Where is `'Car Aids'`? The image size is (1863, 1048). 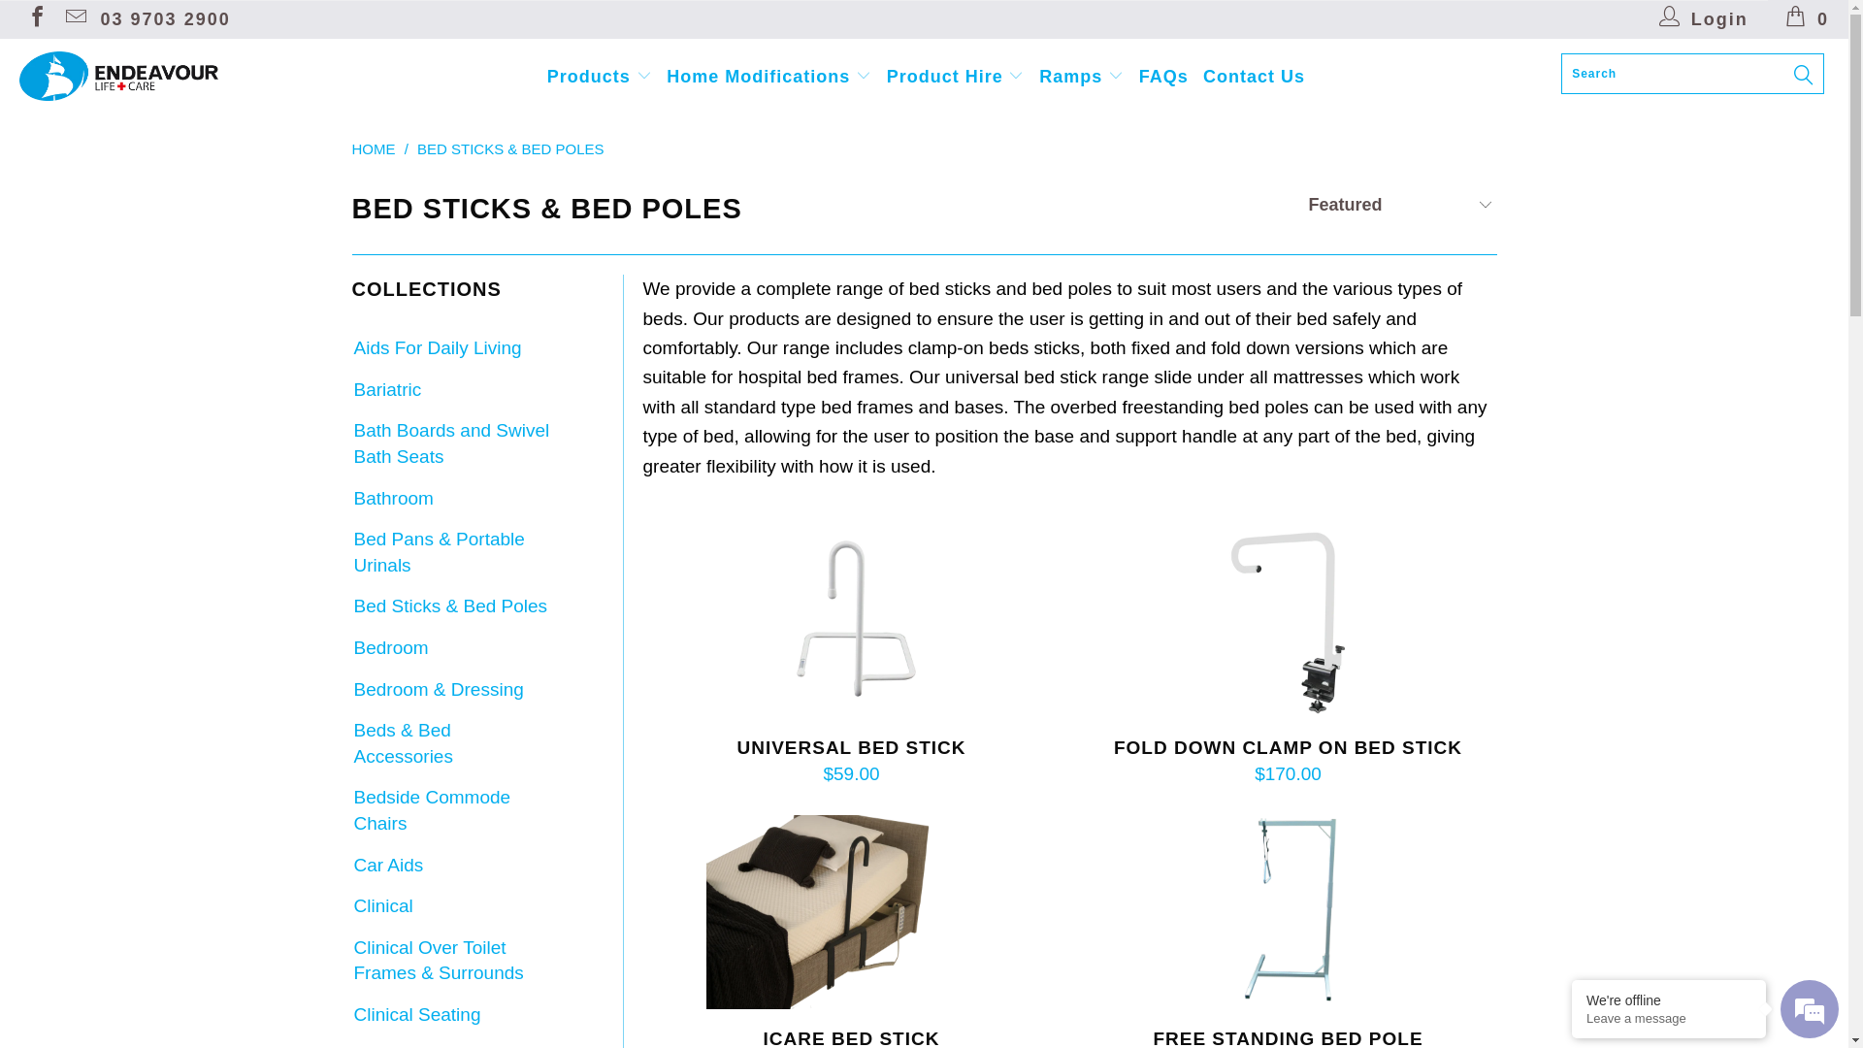 'Car Aids' is located at coordinates (350, 865).